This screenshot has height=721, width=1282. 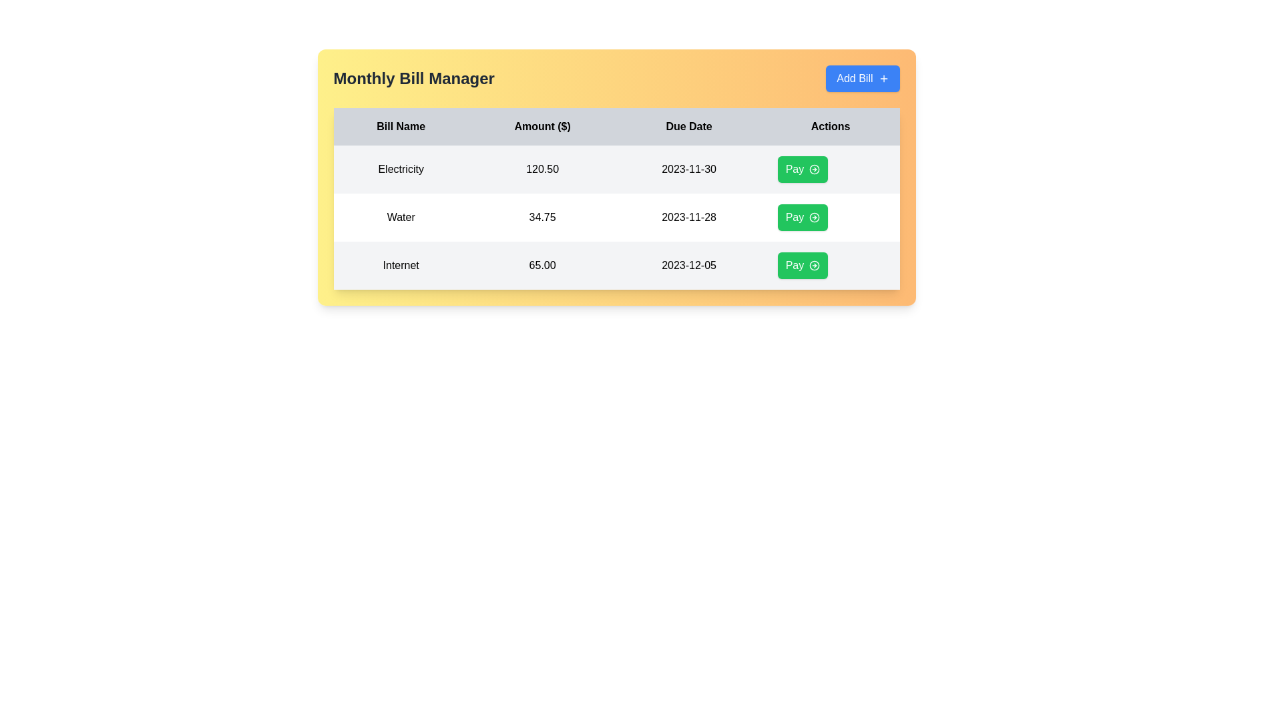 What do you see at coordinates (814, 217) in the screenshot?
I see `the SVG circle that is part of the rightward arrow icon in the 'Actions' column of the second row of the table representing the bill for 'Water'` at bounding box center [814, 217].